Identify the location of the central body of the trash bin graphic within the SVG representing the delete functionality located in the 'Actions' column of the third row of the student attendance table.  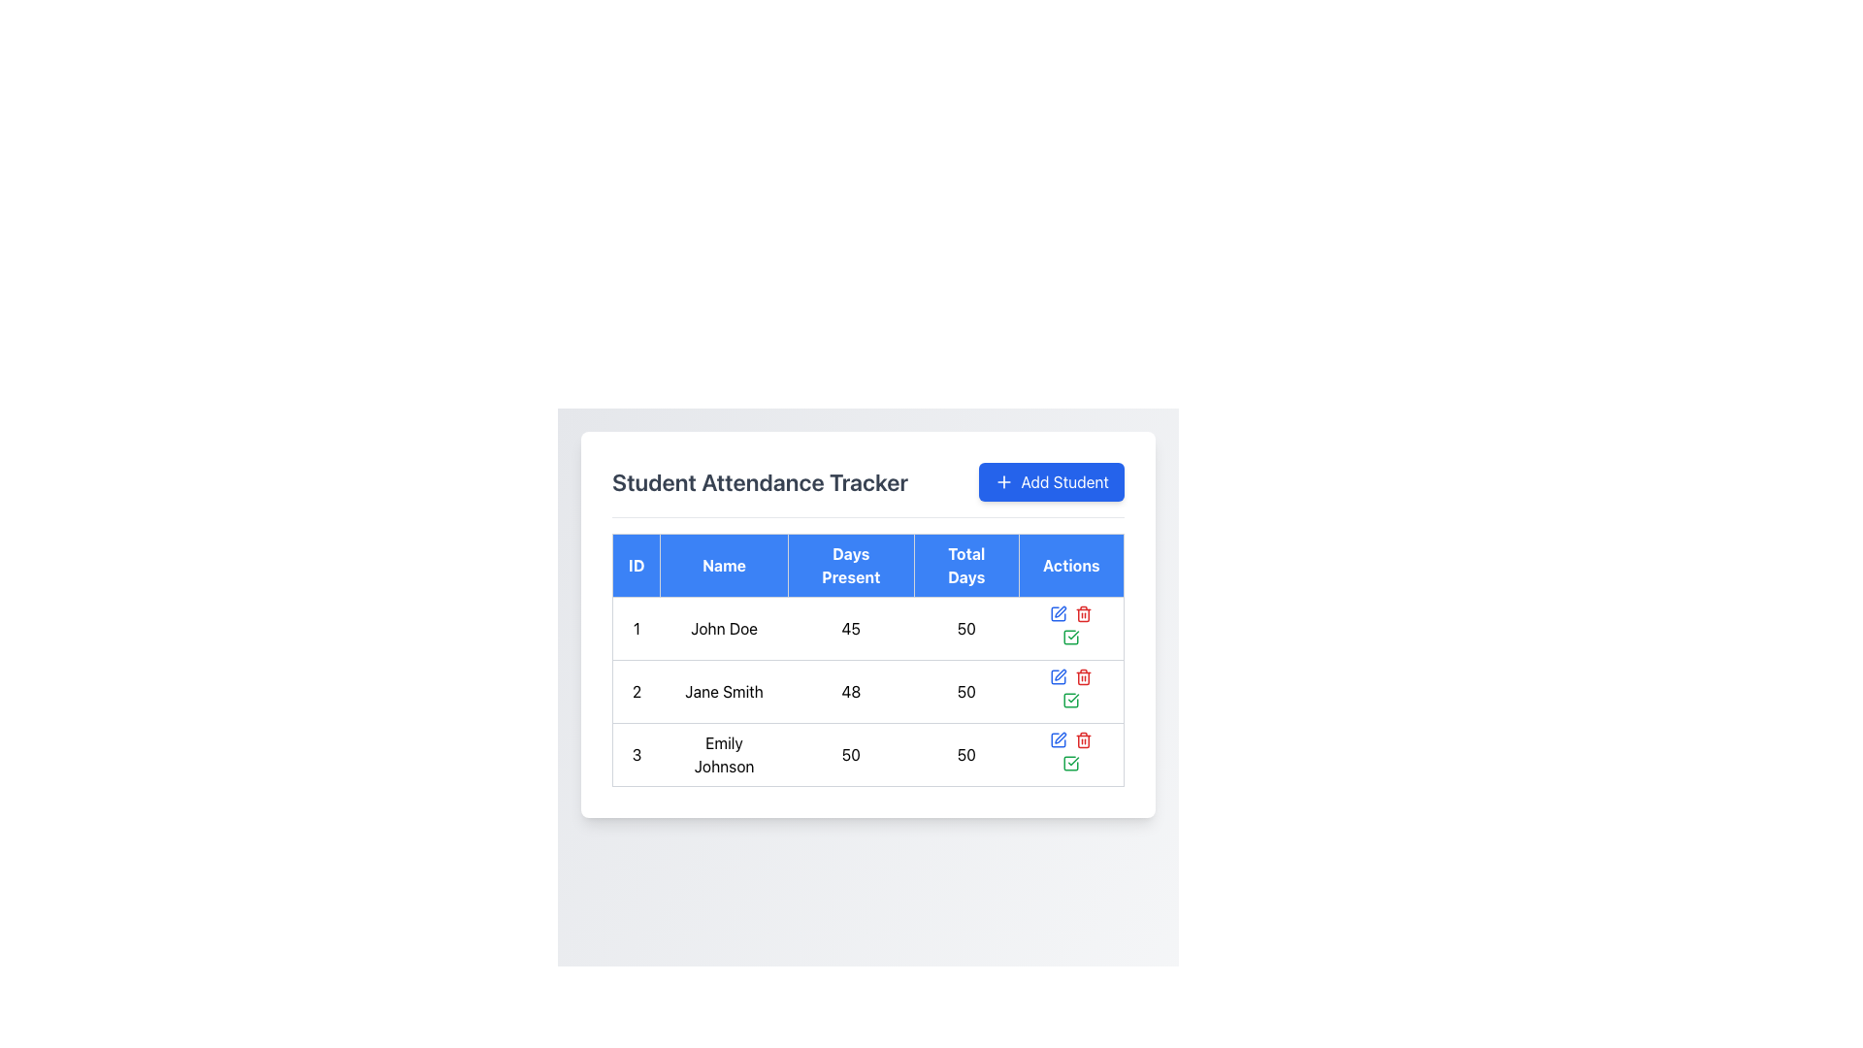
(1083, 741).